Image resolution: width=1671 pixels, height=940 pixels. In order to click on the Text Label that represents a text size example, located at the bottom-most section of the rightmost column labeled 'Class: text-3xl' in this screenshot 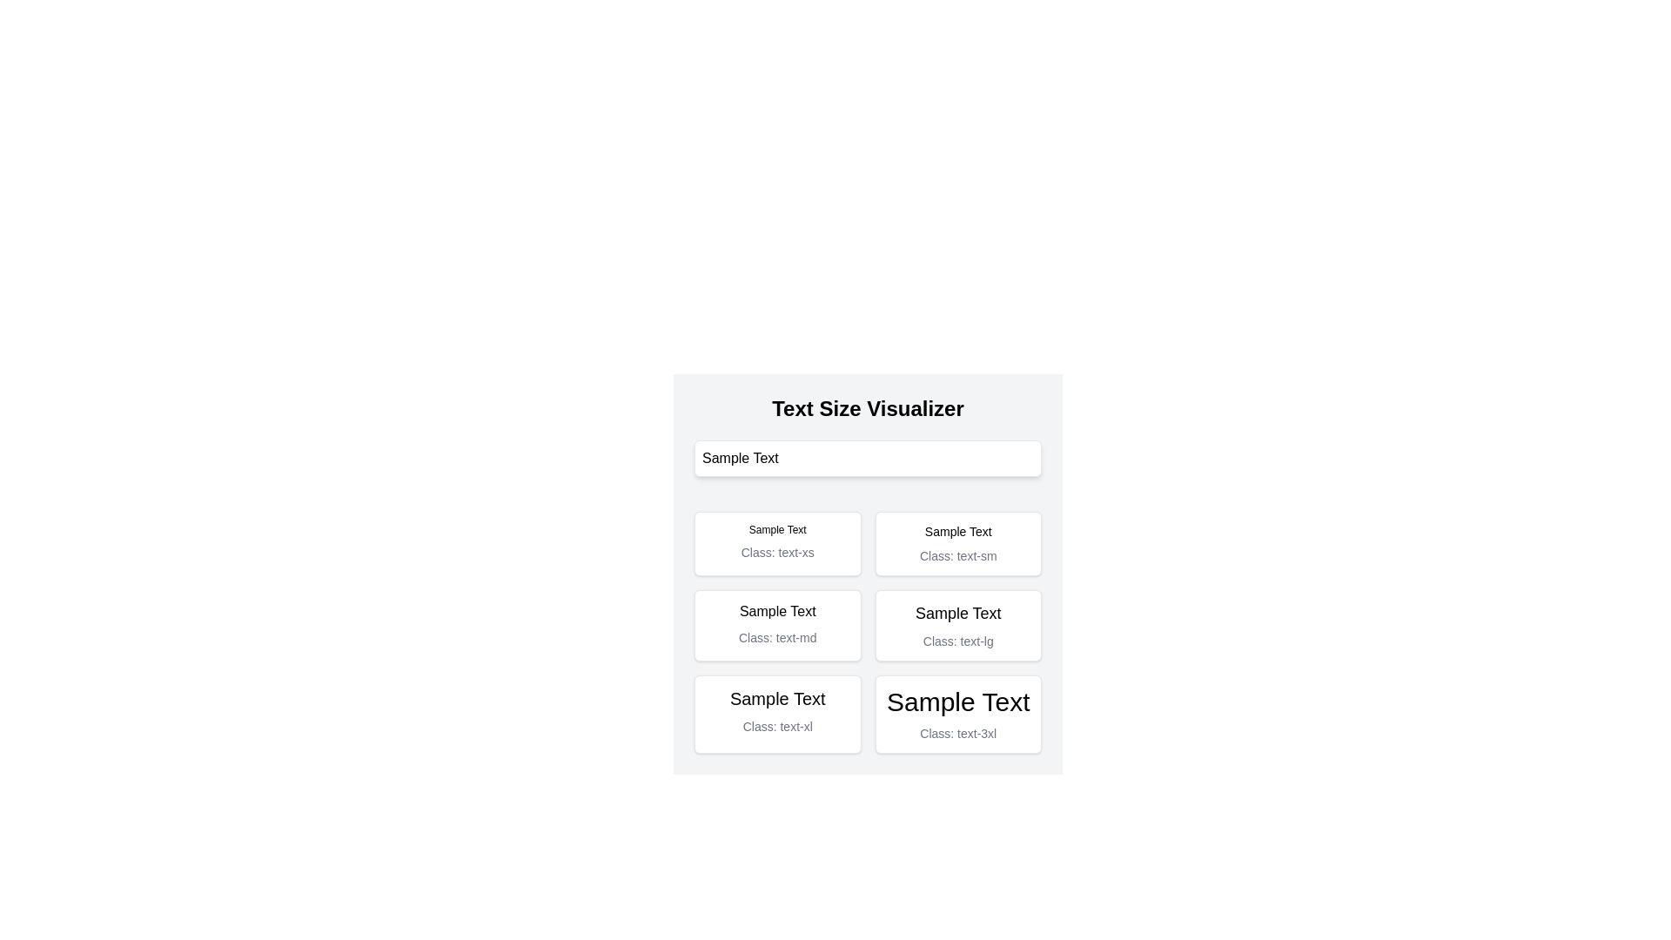, I will do `click(957, 701)`.